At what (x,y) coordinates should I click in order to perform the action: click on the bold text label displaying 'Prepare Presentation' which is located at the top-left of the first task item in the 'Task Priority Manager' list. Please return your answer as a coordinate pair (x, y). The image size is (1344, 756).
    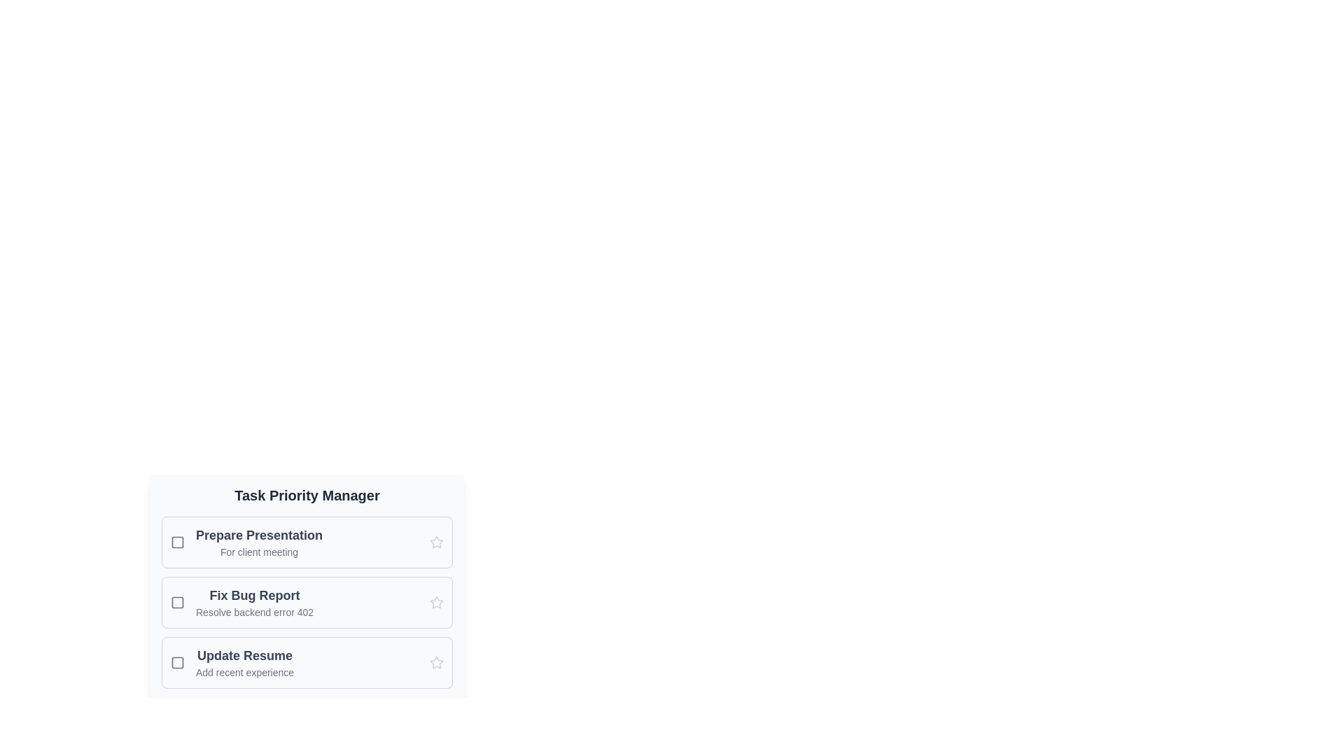
    Looking at the image, I should click on (259, 535).